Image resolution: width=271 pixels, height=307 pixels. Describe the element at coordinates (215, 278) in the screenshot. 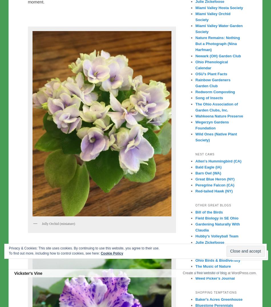

I see `'Weed Picker's Journal'` at that location.